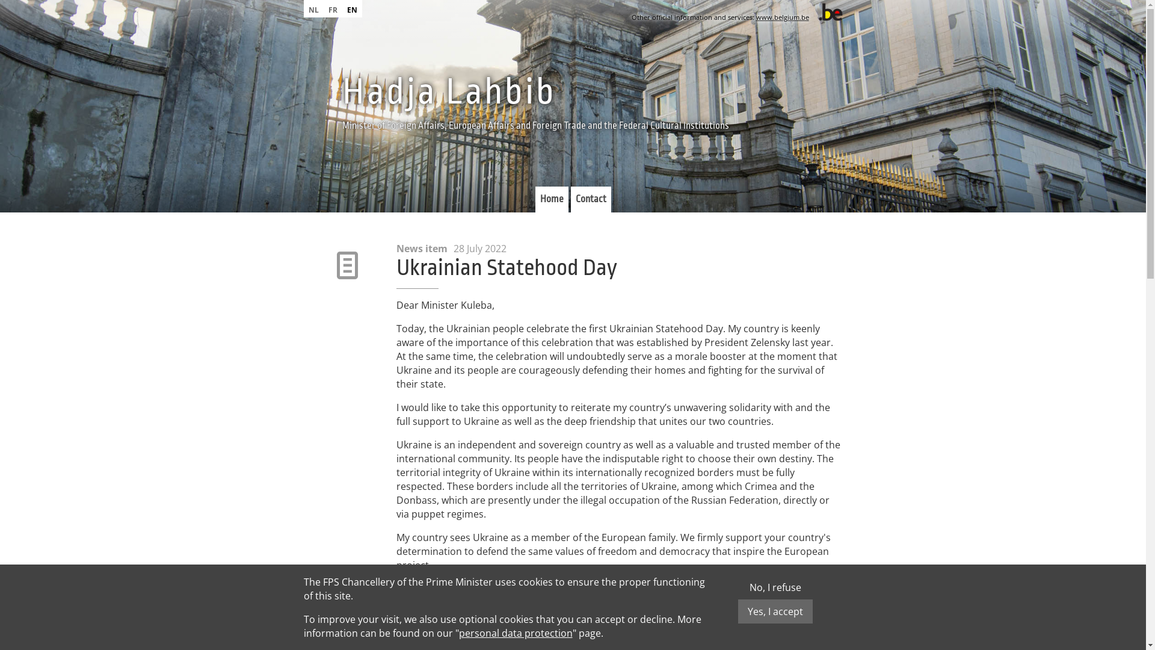 Image resolution: width=1155 pixels, height=650 pixels. I want to click on 'Home', so click(551, 199).